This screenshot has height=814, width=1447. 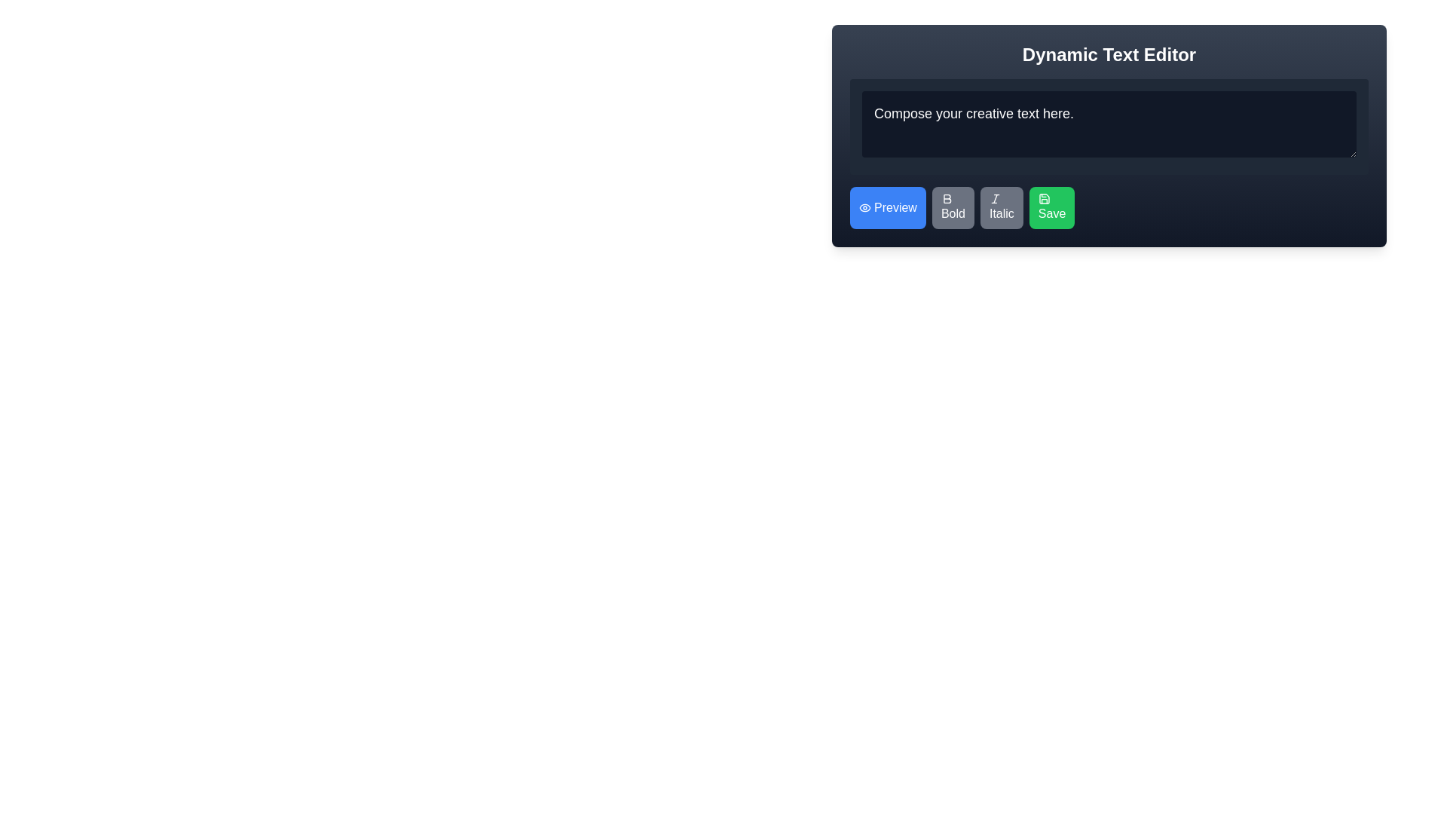 What do you see at coordinates (995, 197) in the screenshot?
I see `the italic icon located at the center of the 'Italic' button in the toolbar, which visually indicates the italic functionality` at bounding box center [995, 197].